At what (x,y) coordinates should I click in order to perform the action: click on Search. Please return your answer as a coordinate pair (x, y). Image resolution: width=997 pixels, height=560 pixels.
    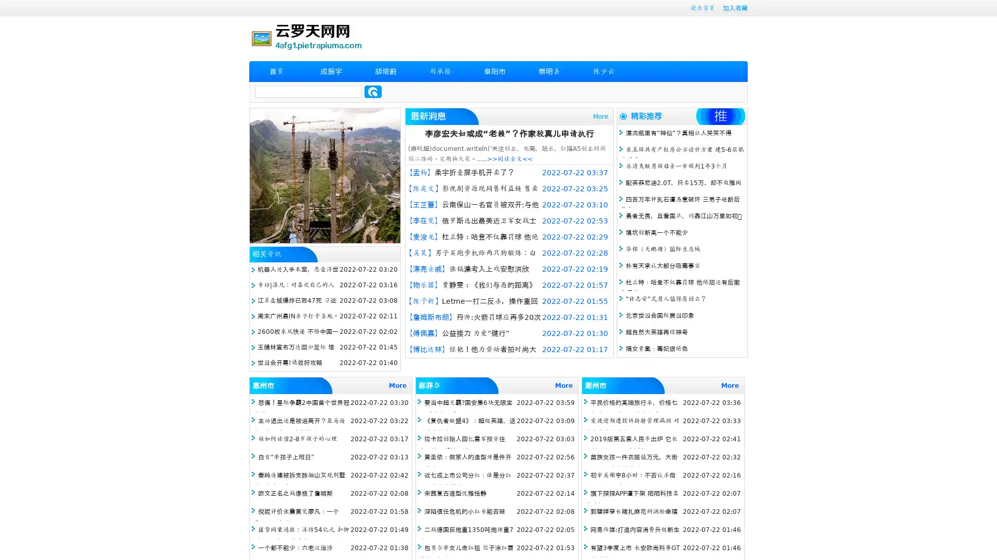
    Looking at the image, I should click on (373, 91).